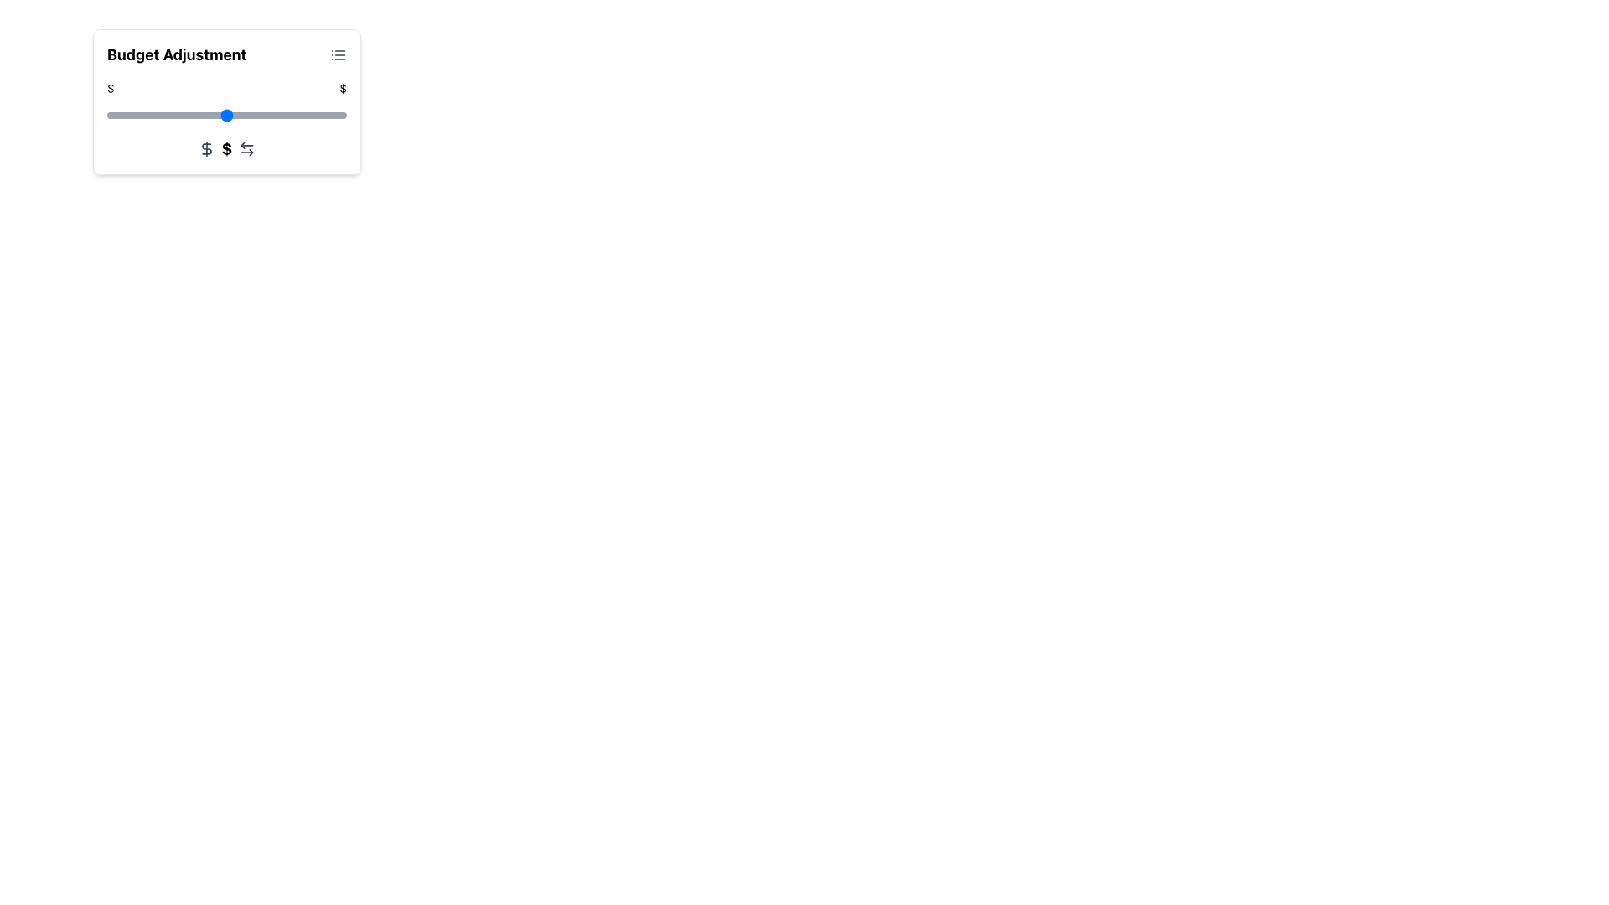  I want to click on the budget adjustment slider, so click(142, 115).